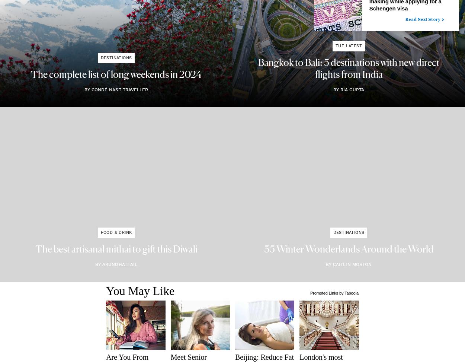  I want to click on 'You May Like', so click(140, 291).